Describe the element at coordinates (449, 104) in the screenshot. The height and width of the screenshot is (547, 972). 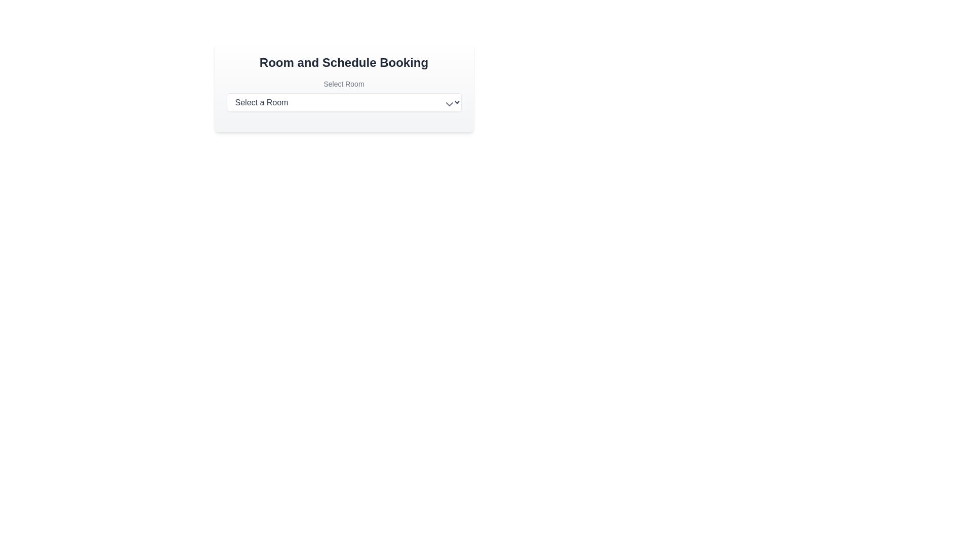
I see `the chevron icon located on the far right side of the 'Select a Room' dropdown menu` at that location.